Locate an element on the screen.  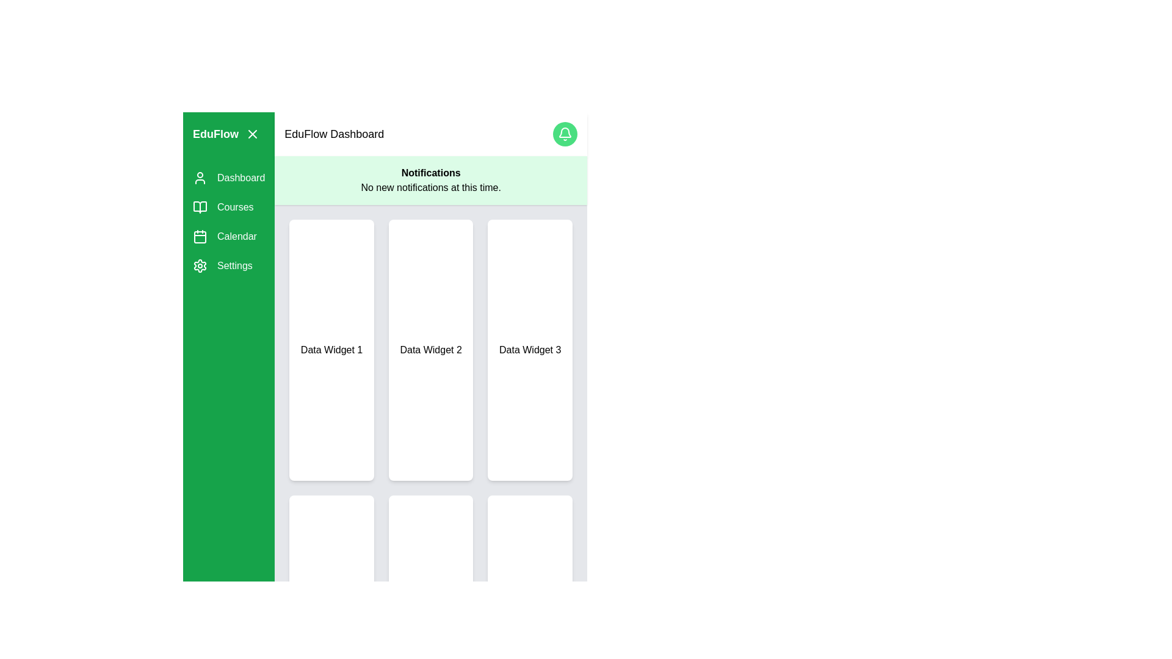
the circular gear-shaped icon with a green background and white details located next to the text 'Settings' to enter the settings menu is located at coordinates (200, 265).